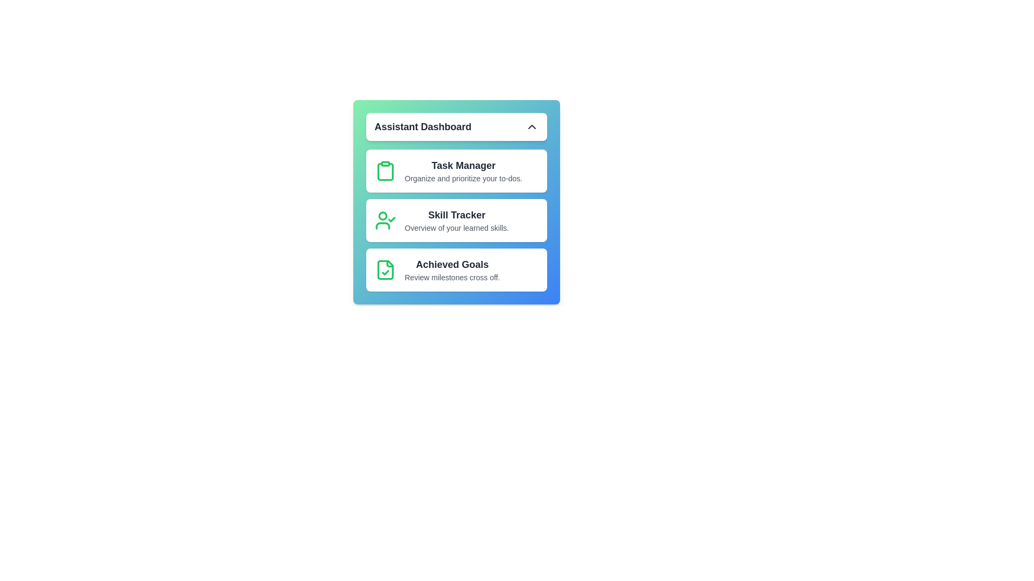  Describe the element at coordinates (456, 219) in the screenshot. I see `the option 'Skill Tracker' from the list` at that location.